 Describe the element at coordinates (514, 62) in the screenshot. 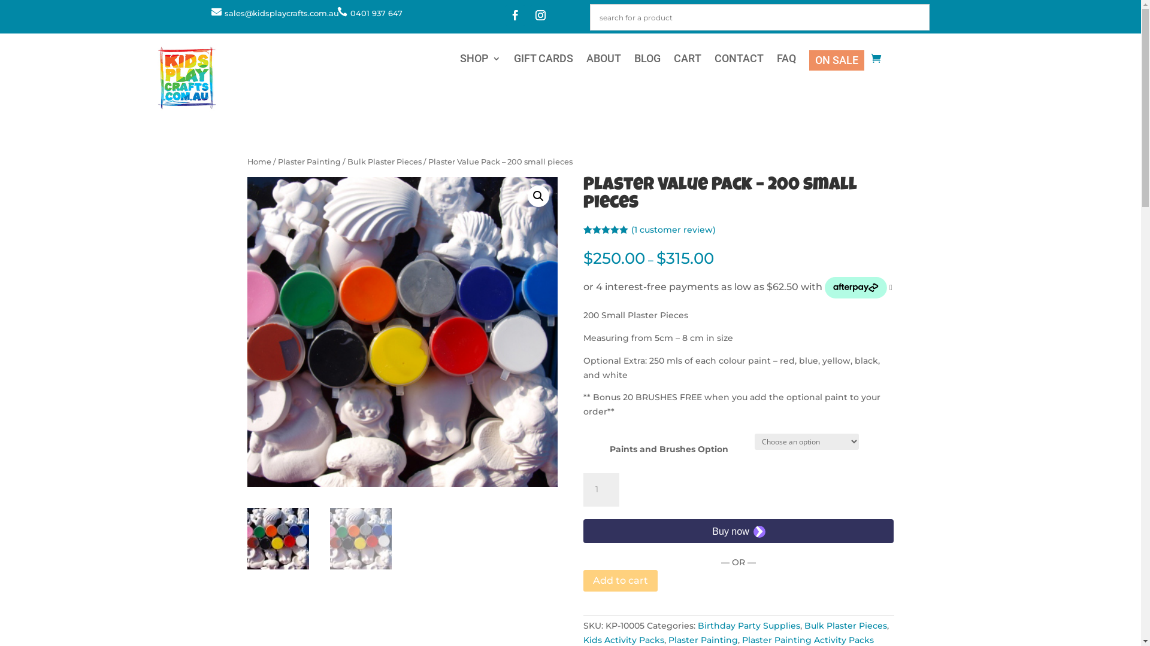

I see `'GIFT CARDS'` at that location.